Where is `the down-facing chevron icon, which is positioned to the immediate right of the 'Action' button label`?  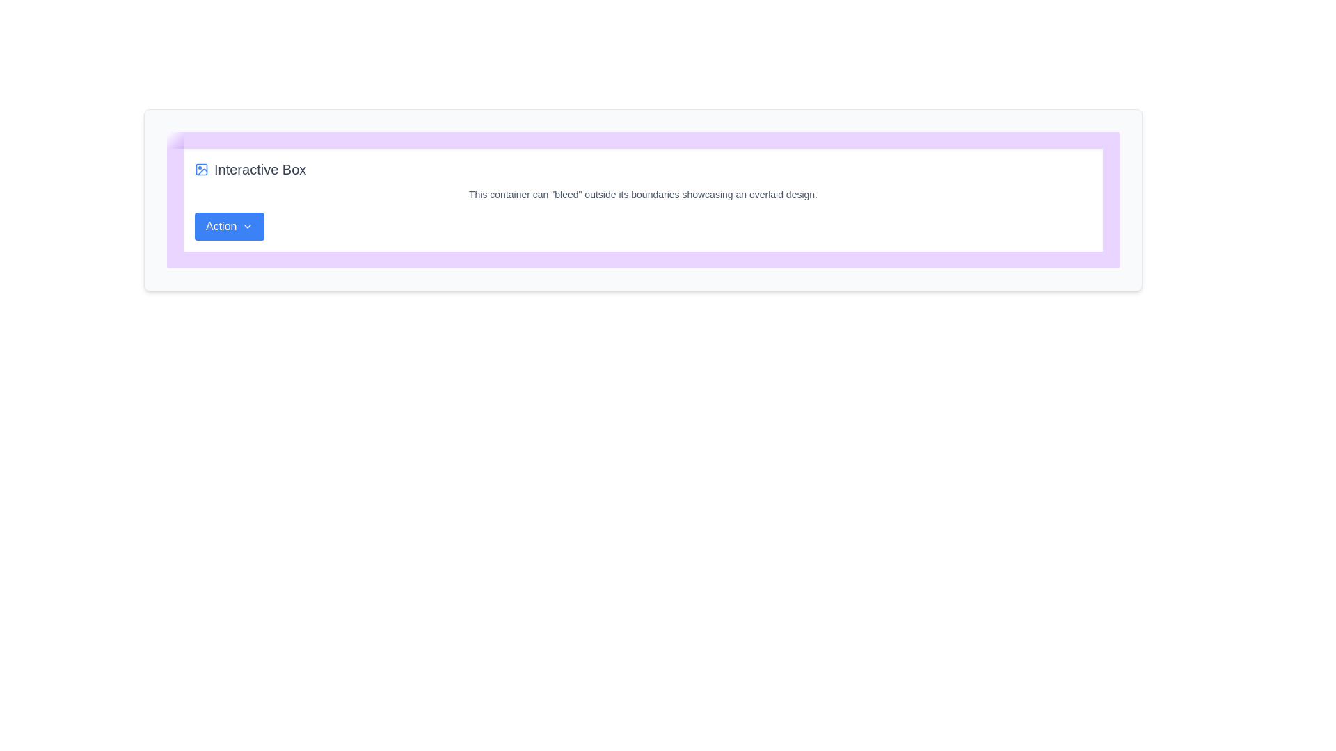
the down-facing chevron icon, which is positioned to the immediate right of the 'Action' button label is located at coordinates (248, 226).